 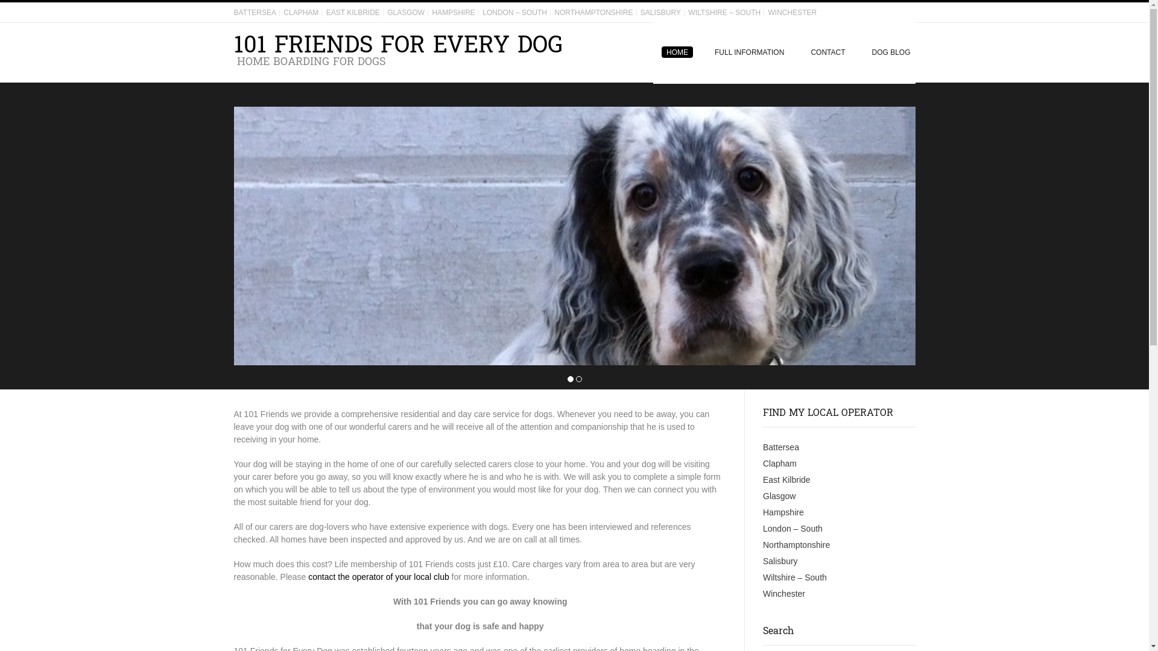 What do you see at coordinates (767, 12) in the screenshot?
I see `'WINCHESTER'` at bounding box center [767, 12].